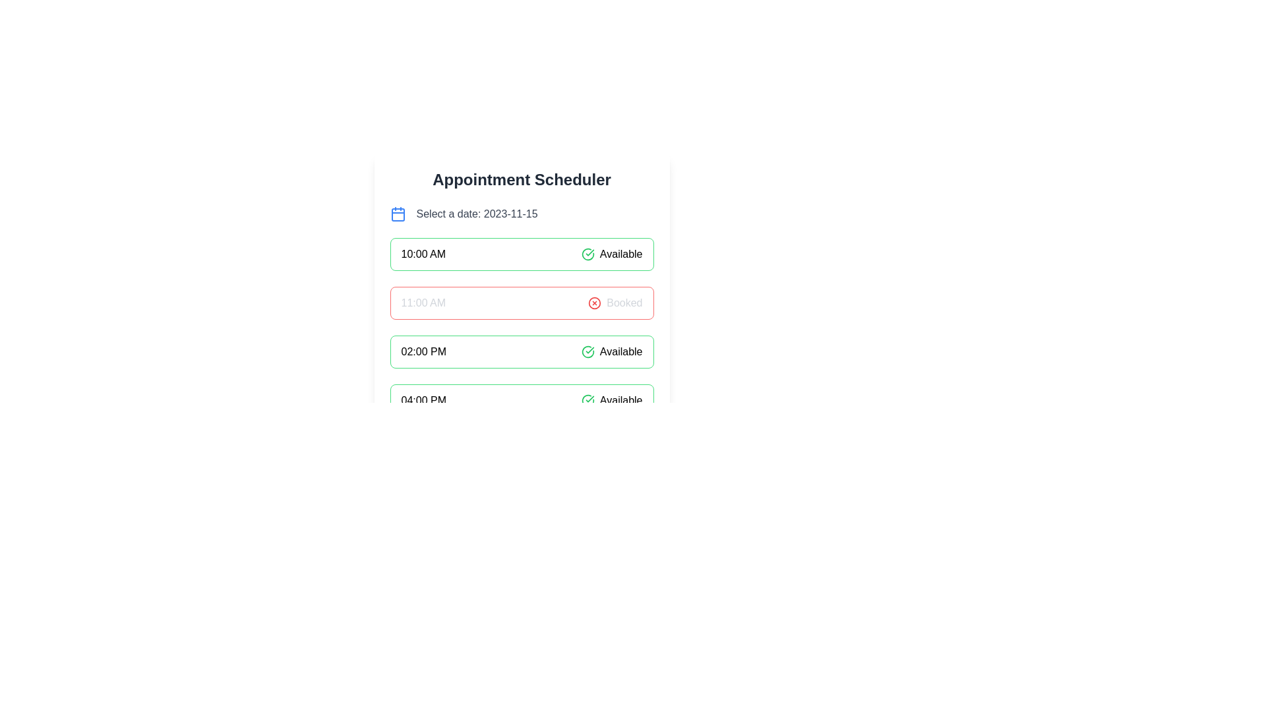 The height and width of the screenshot is (712, 1266). I want to click on the text label displaying '10:00 AM', which indicates the time slot for an appointment in the first schedule block marked as available, so click(423, 254).